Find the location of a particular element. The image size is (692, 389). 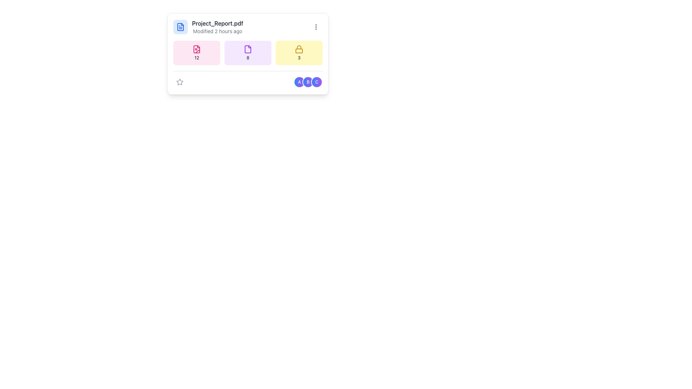

the text element displaying the number '3' in gray color, located within the third yellow background card from the left, positioned below a lock icon is located at coordinates (299, 58).